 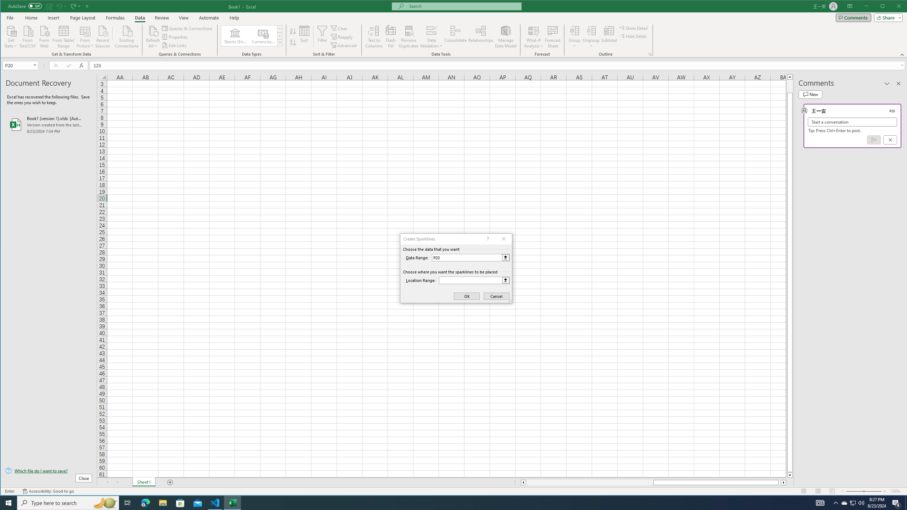 I want to click on 'From Picture', so click(x=85, y=36).